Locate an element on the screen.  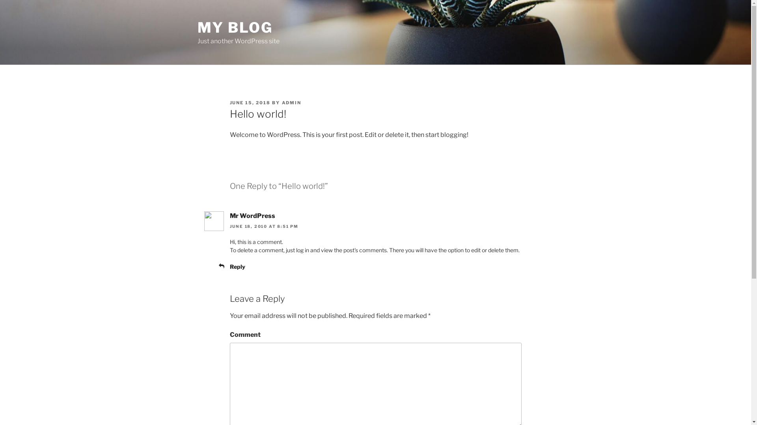
'MY BLOG' is located at coordinates (234, 27).